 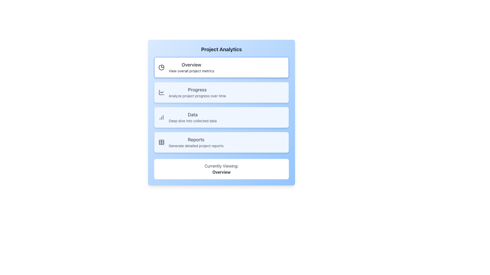 I want to click on the static descriptive text located beneath the 'Reports' section, which serves as a subheading providing additional information about its purpose, so click(x=196, y=146).